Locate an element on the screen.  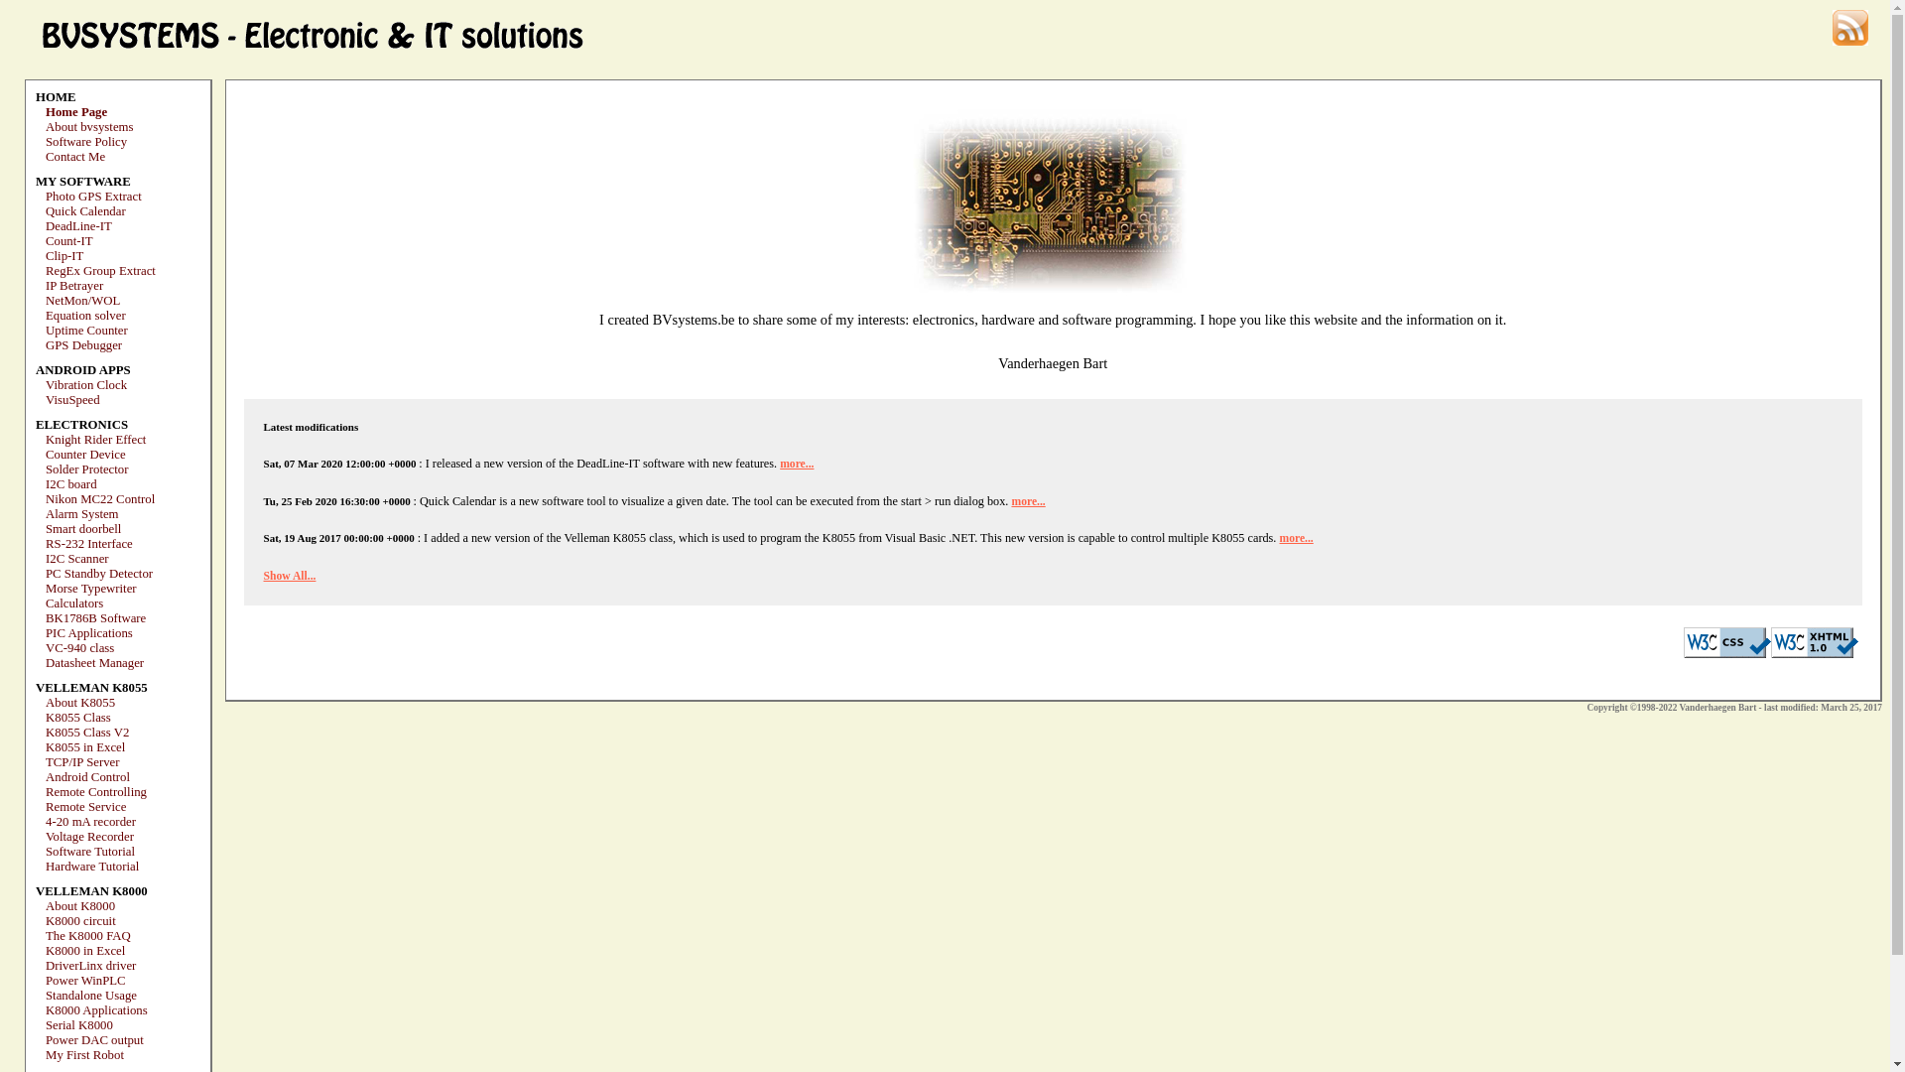
'Power DAC output' is located at coordinates (93, 1039).